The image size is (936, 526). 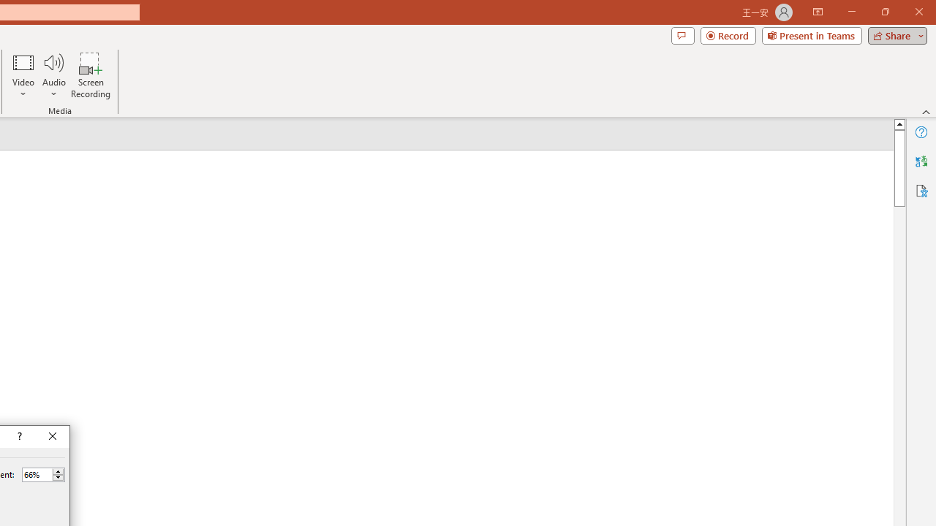 I want to click on 'Percent', so click(x=43, y=475).